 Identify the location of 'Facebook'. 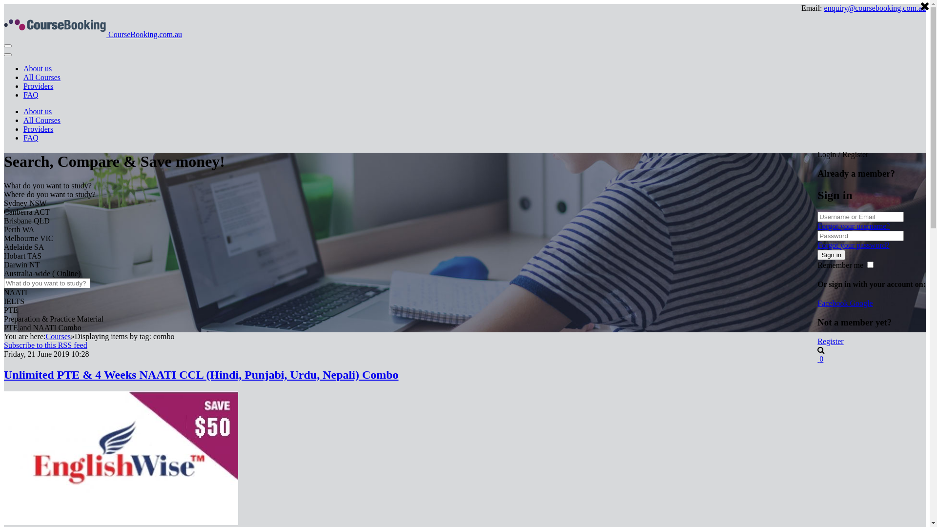
(833, 303).